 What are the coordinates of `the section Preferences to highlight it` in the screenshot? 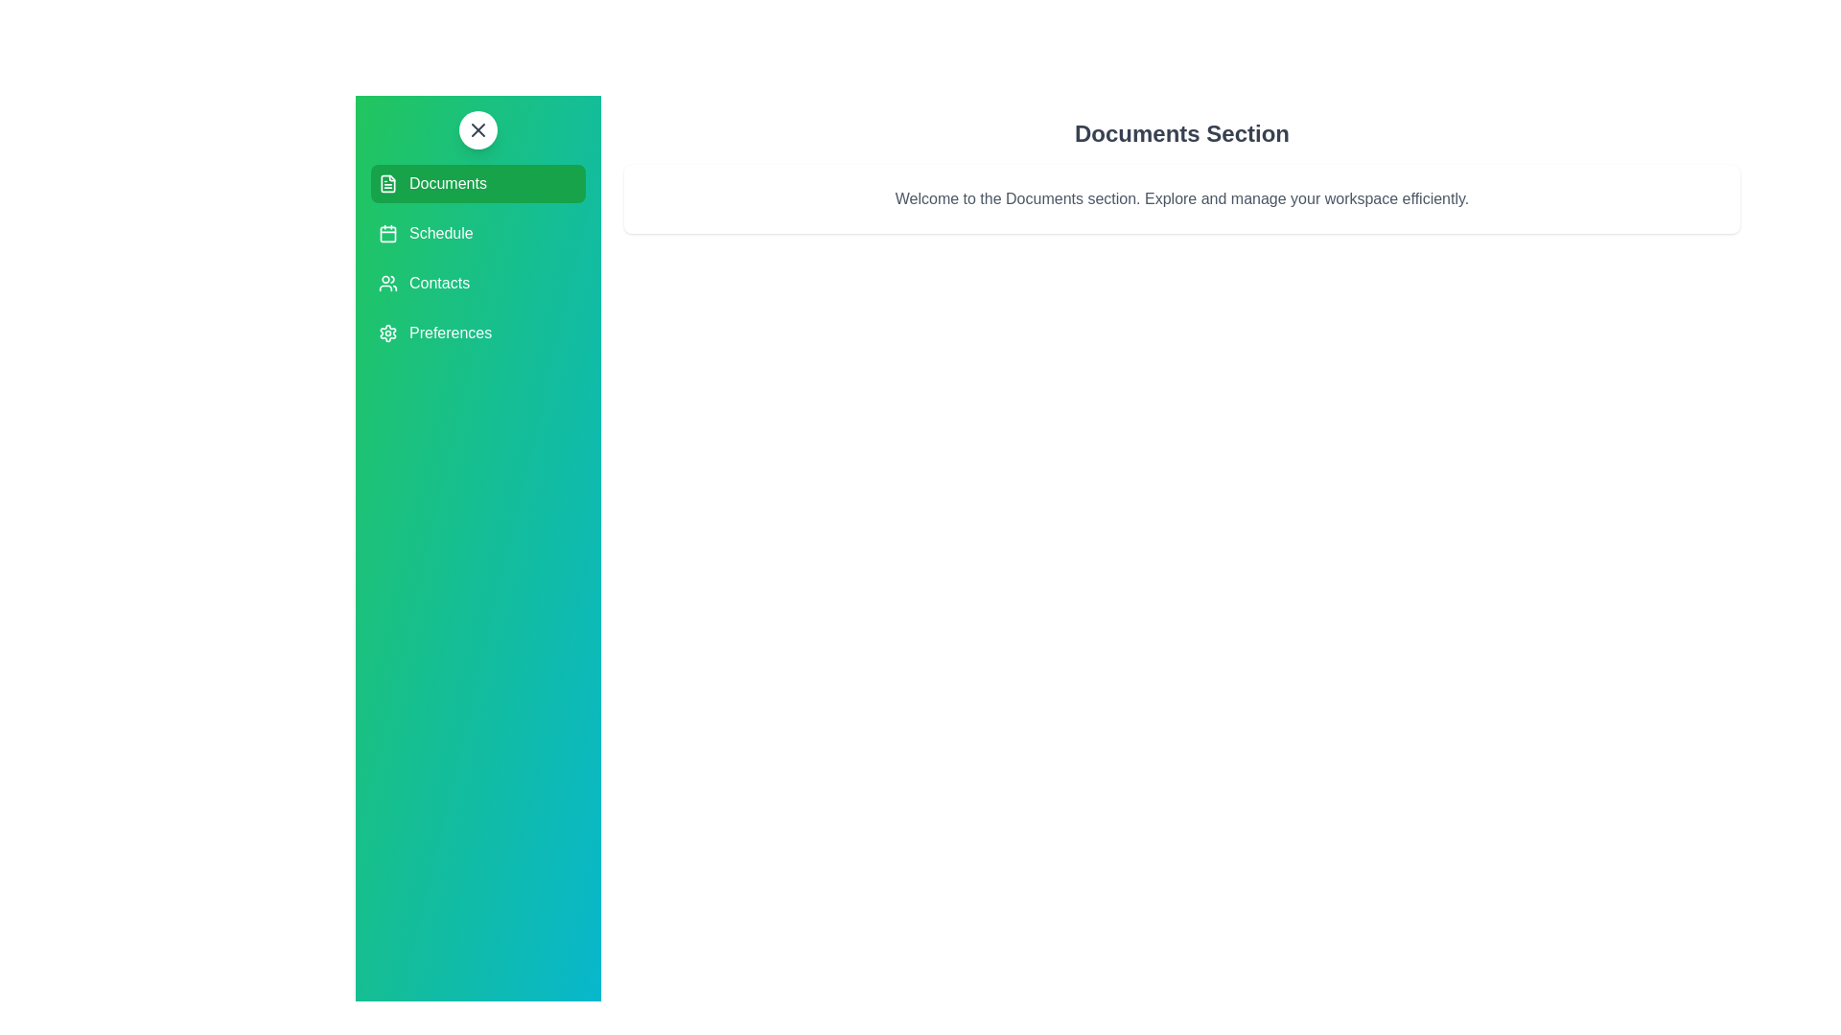 It's located at (478, 332).